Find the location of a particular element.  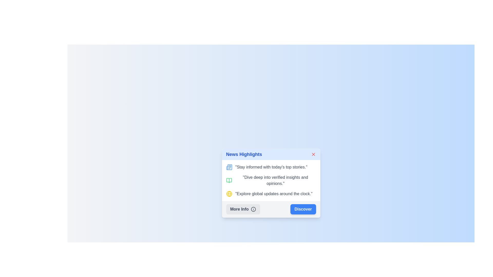

the open book icon, which is the first icon in the 'News Highlights' section of the light-blue dialog box is located at coordinates (229, 180).